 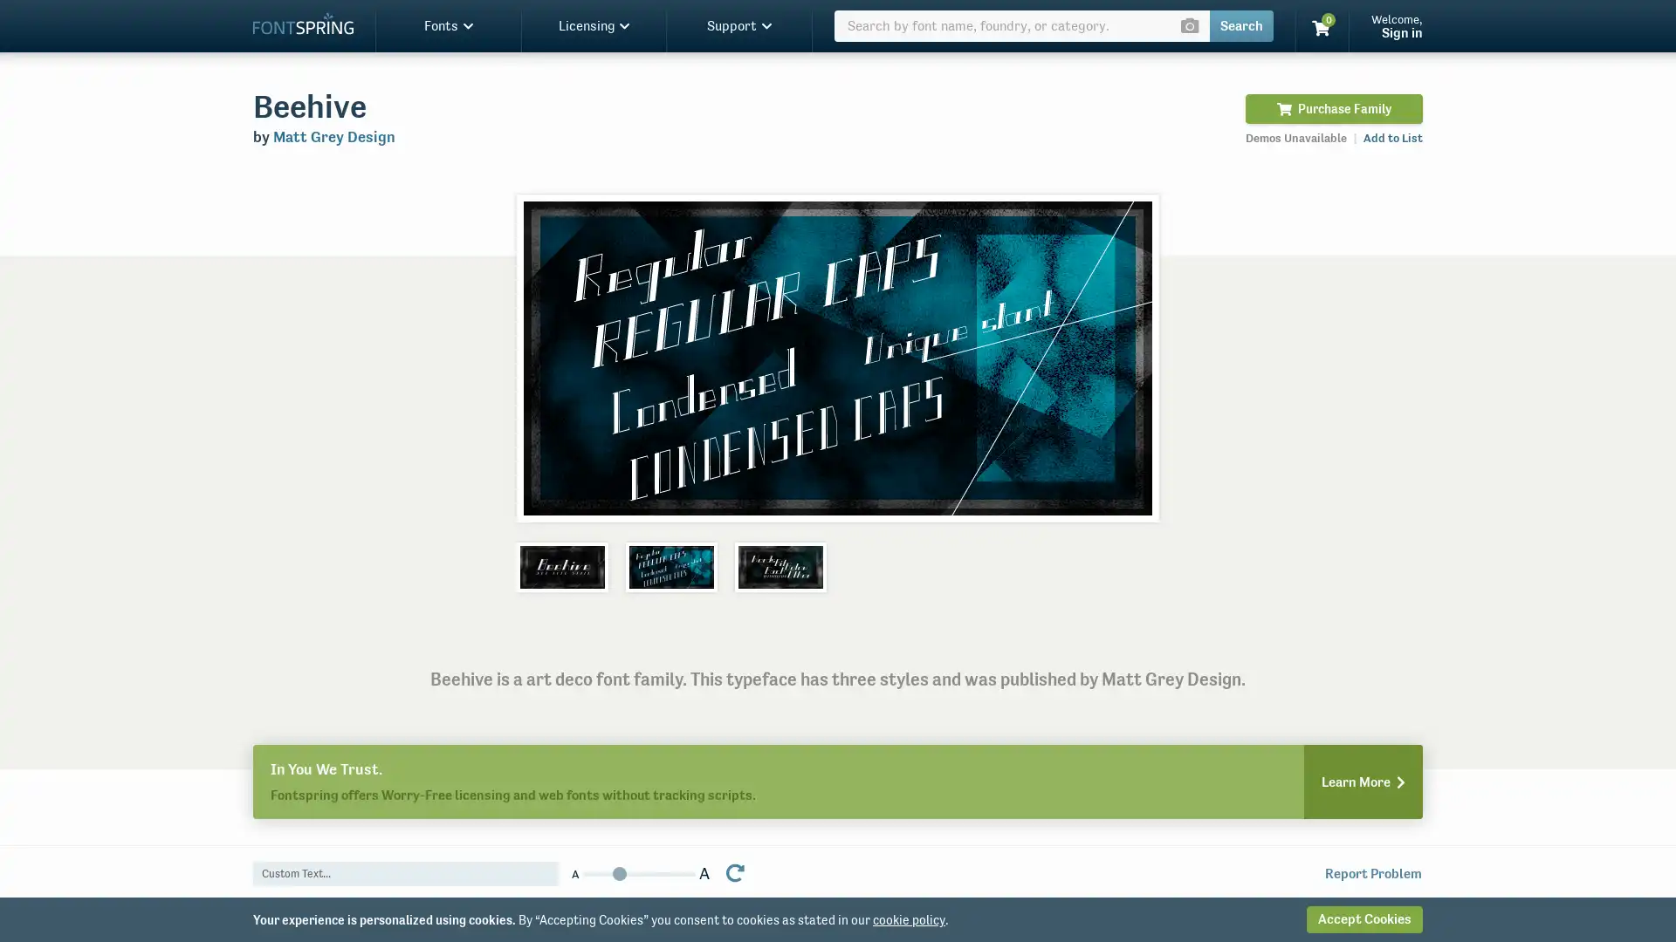 I want to click on Purchase Family, so click(x=1333, y=108).